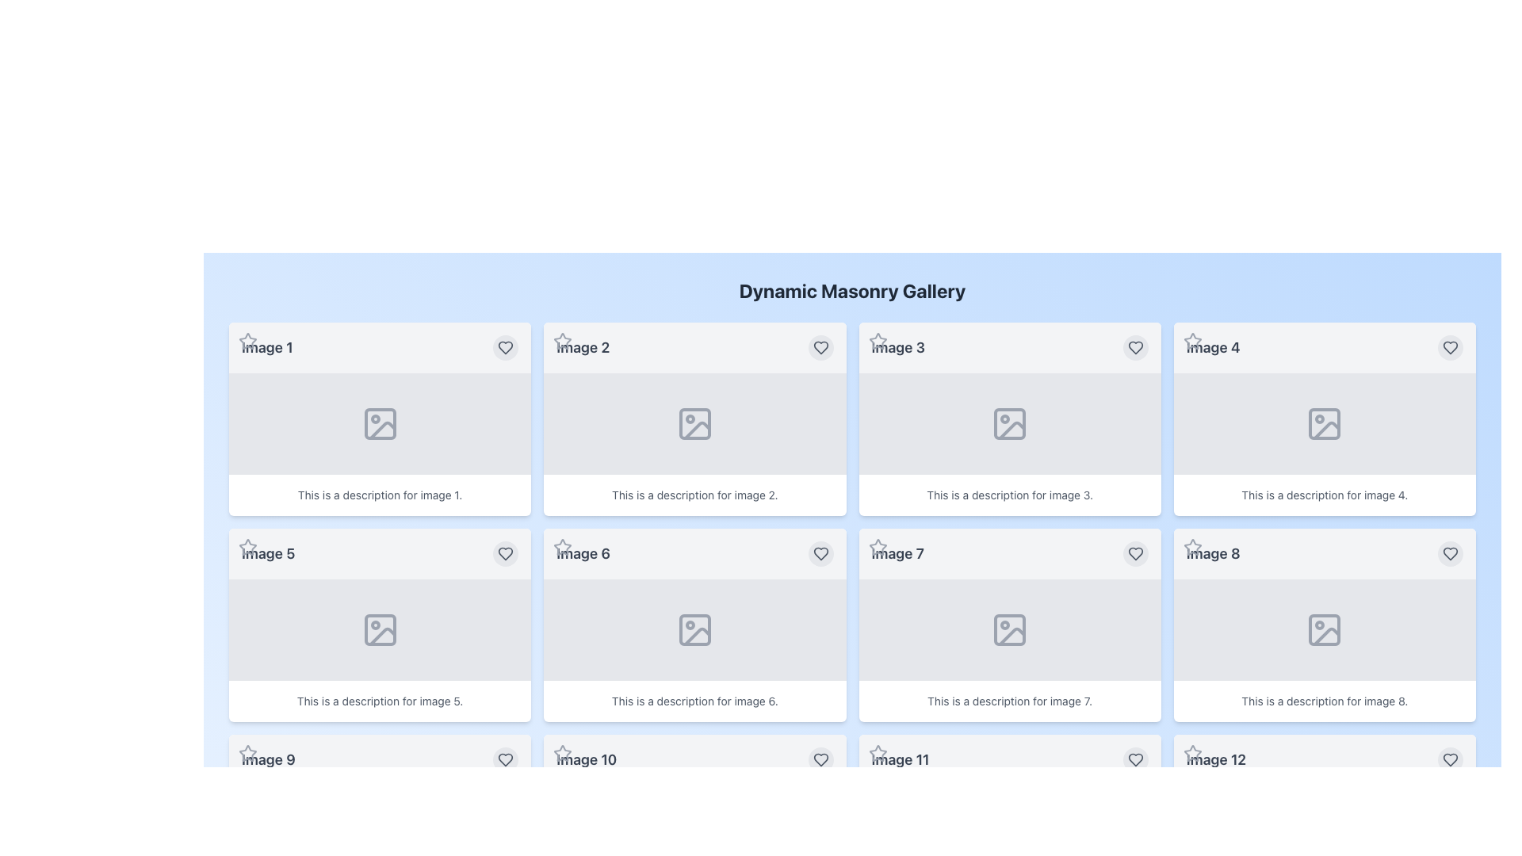  What do you see at coordinates (247, 341) in the screenshot?
I see `the star icon in the top-left corner of the card labeled 'Image 1'` at bounding box center [247, 341].